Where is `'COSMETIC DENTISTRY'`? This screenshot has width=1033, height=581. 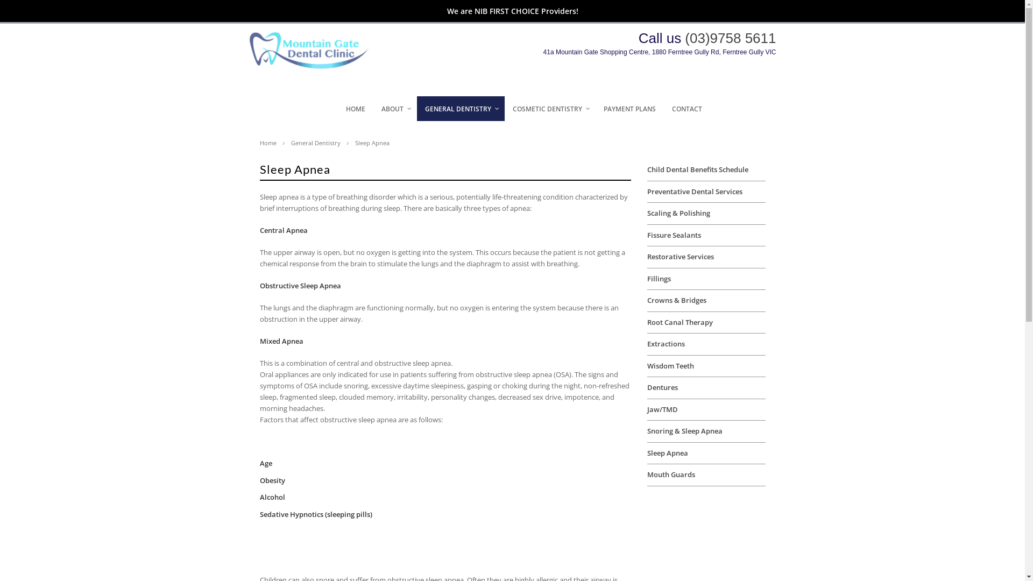
'COSMETIC DENTISTRY' is located at coordinates (550, 109).